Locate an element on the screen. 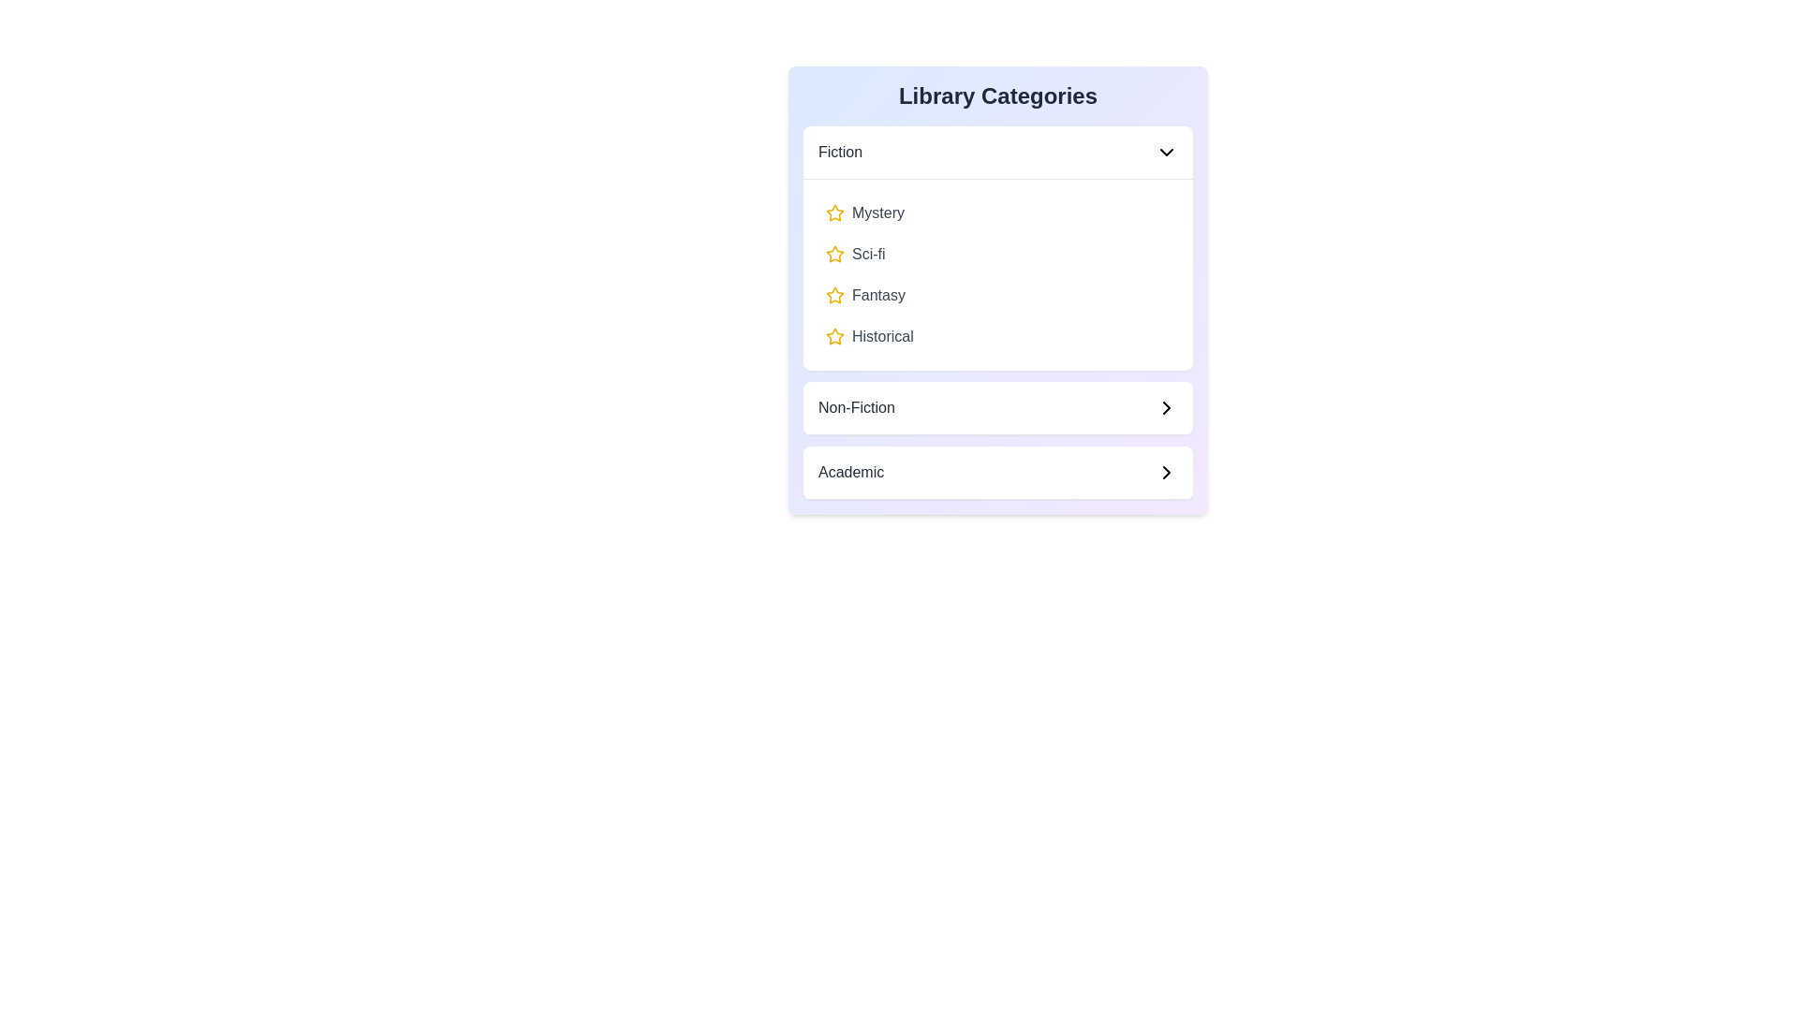 The width and height of the screenshot is (1798, 1011). the item Fantasy from the expanded 'Fiction' category is located at coordinates (996, 295).